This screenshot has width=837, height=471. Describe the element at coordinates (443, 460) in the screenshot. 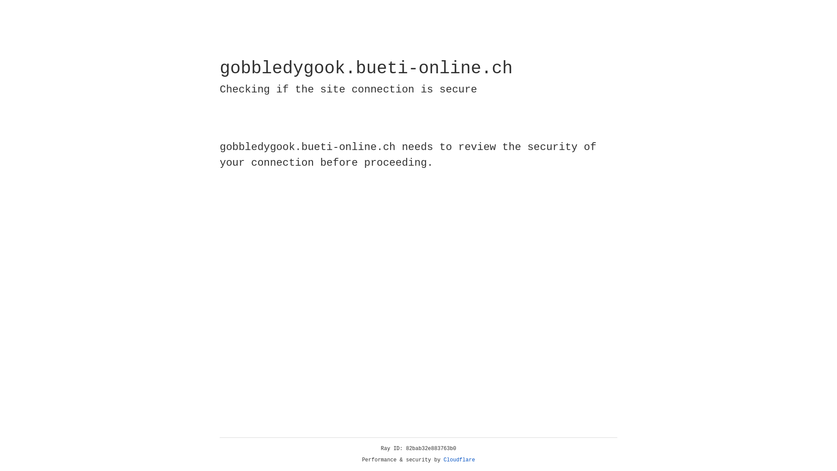

I see `'Cloudflare'` at that location.